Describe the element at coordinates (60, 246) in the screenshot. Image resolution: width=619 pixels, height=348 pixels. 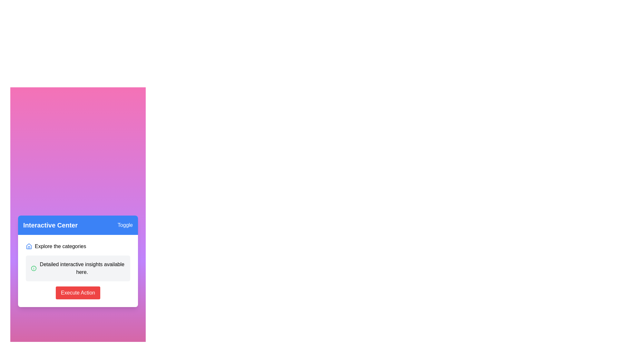
I see `the text label displaying 'Explore the categories', which is aligned to the right of a small house-shaped icon, located beneath the blue header labeled 'Interactive Center'` at that location.